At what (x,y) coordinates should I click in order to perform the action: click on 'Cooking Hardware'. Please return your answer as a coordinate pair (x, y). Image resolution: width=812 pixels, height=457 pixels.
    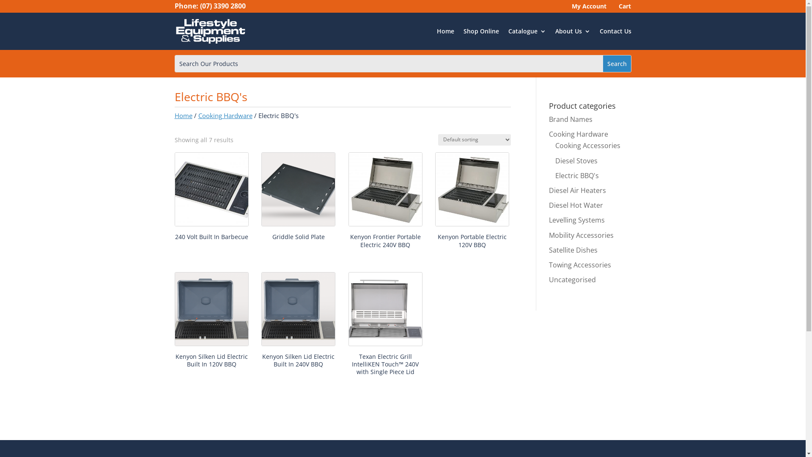
    Looking at the image, I should click on (578, 133).